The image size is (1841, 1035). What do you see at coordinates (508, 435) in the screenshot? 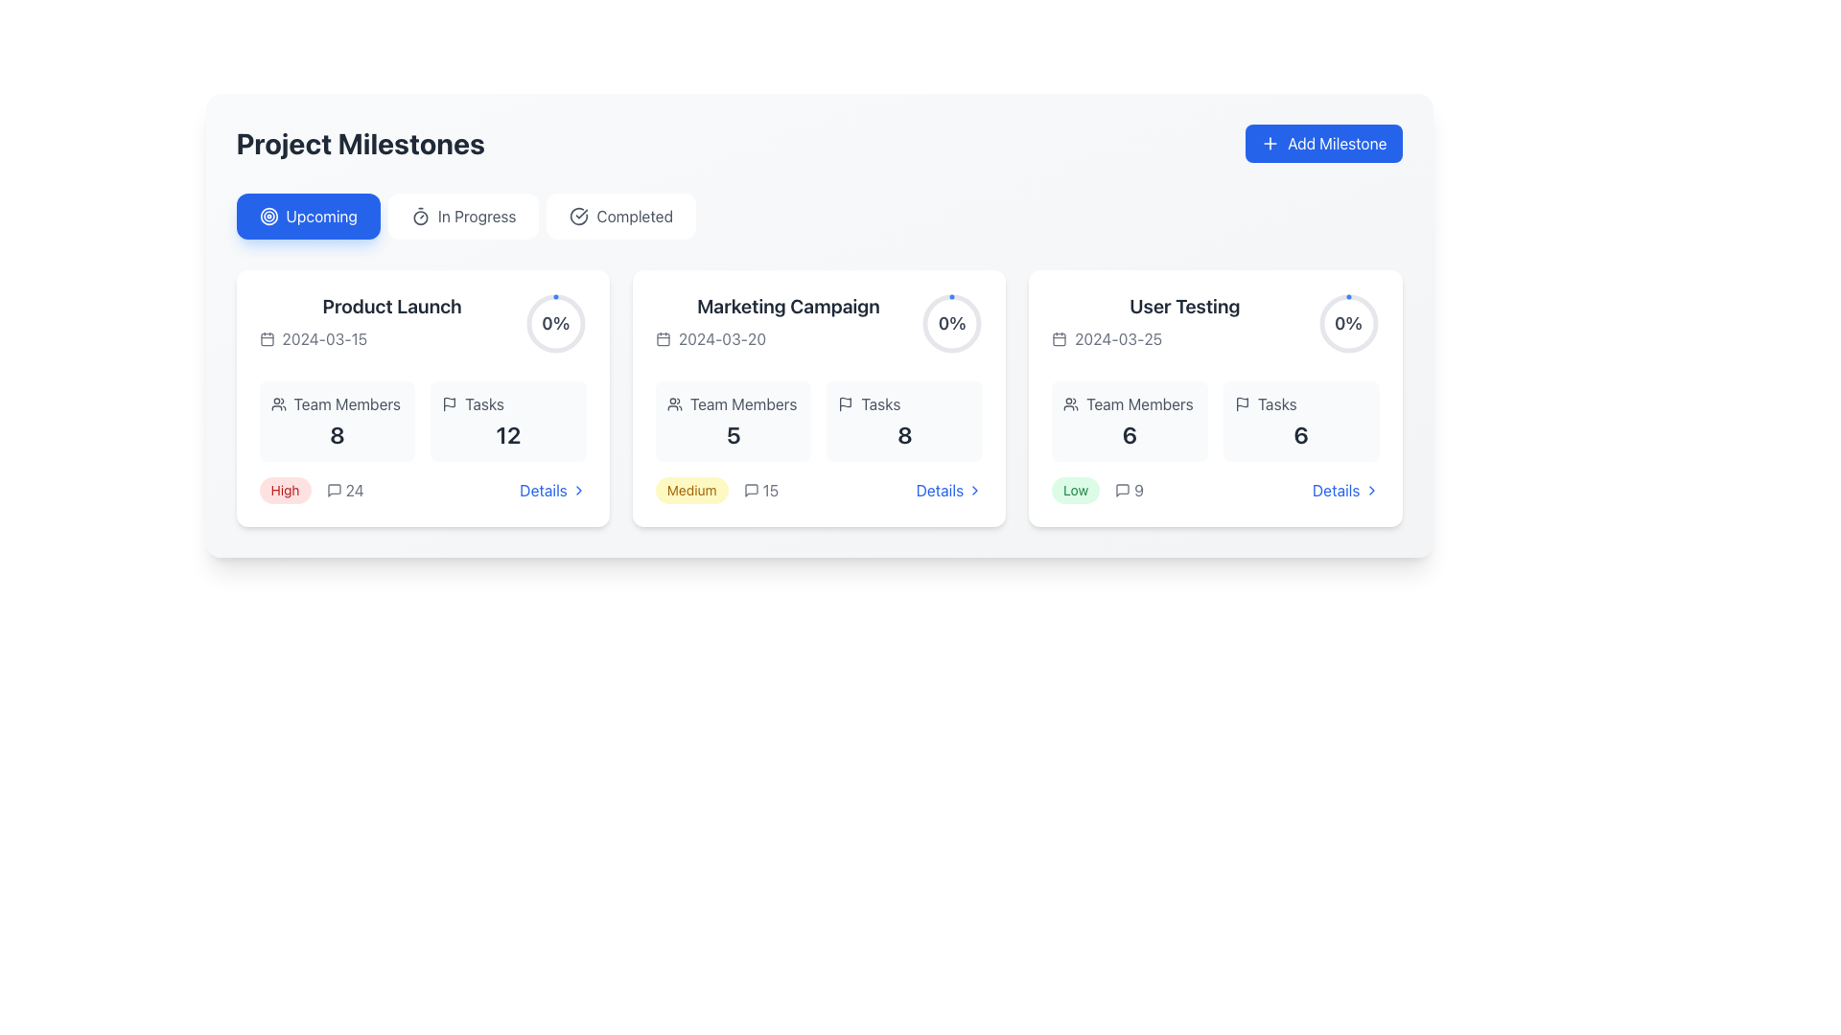
I see `the Text label that shows the count of tasks associated with the 'Product Launch' milestone, located in the 'Tasks' section of the card` at bounding box center [508, 435].